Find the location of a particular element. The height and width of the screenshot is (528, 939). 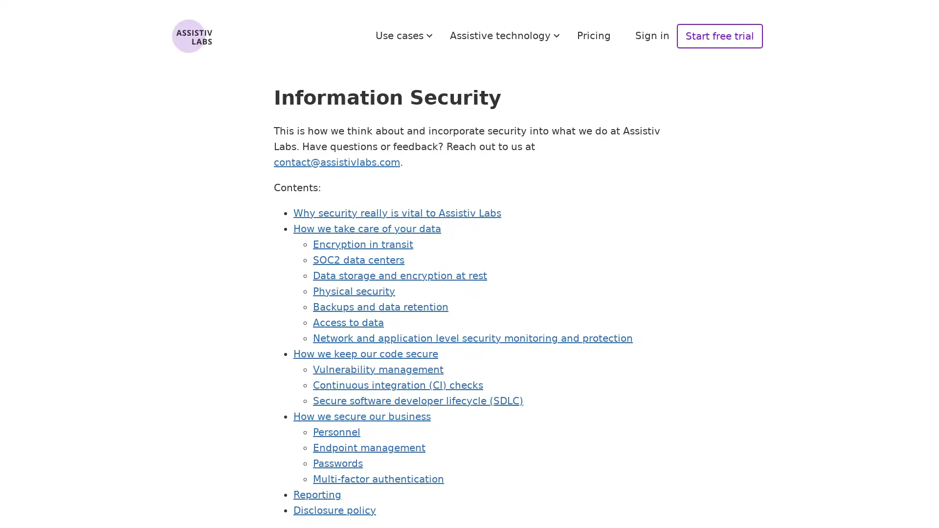

Assistive technology is located at coordinates (506, 35).